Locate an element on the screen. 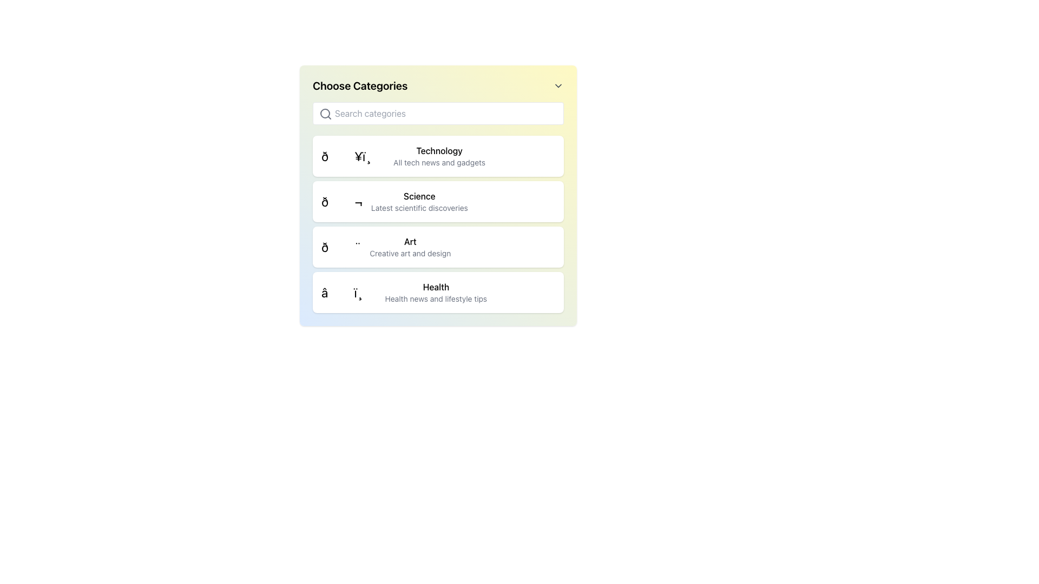 The image size is (1039, 584). the Text-Based Category Label that serves as a category selector for technology-related content, located in the 'Choose Categories' section beneath the search bar is located at coordinates (403, 156).